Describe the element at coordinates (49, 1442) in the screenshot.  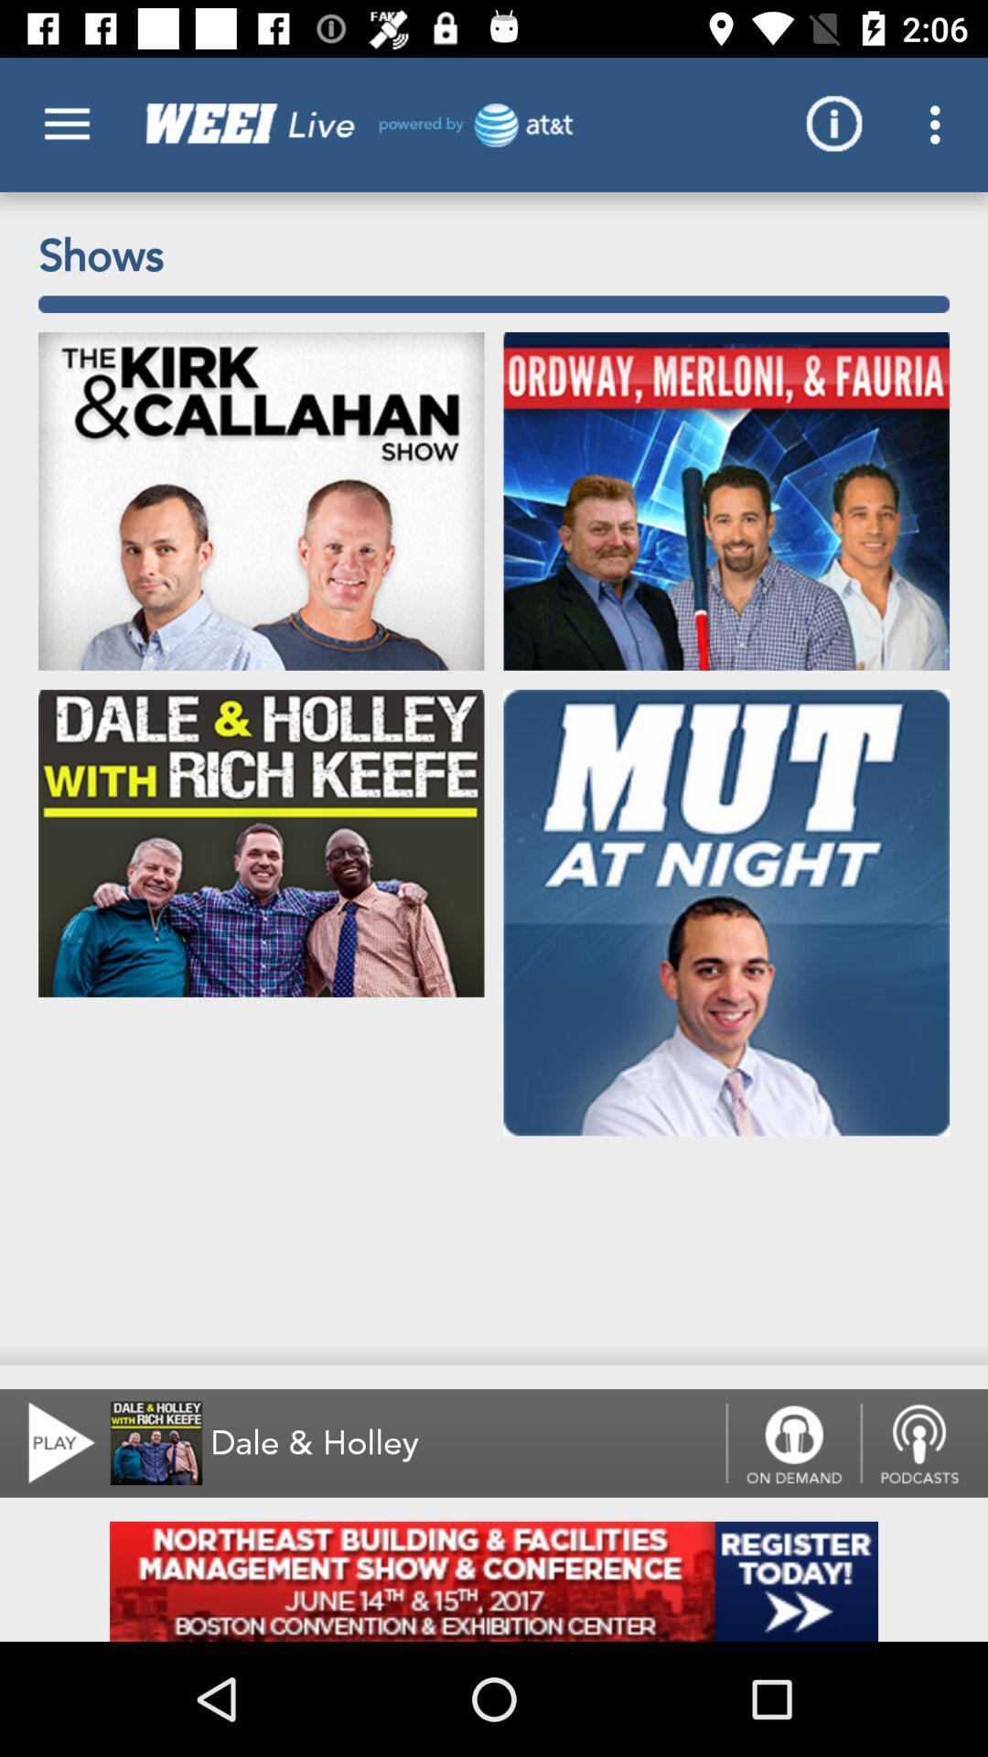
I see `the play icon` at that location.